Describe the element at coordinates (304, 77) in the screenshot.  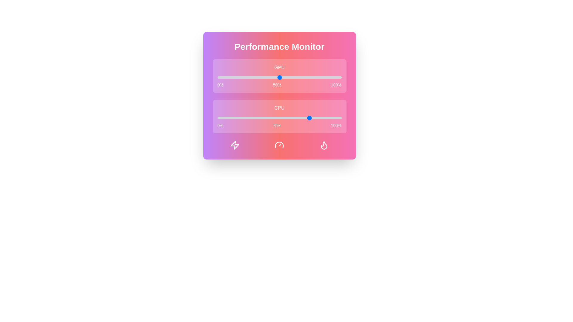
I see `the GPU performance slider to 70%` at that location.